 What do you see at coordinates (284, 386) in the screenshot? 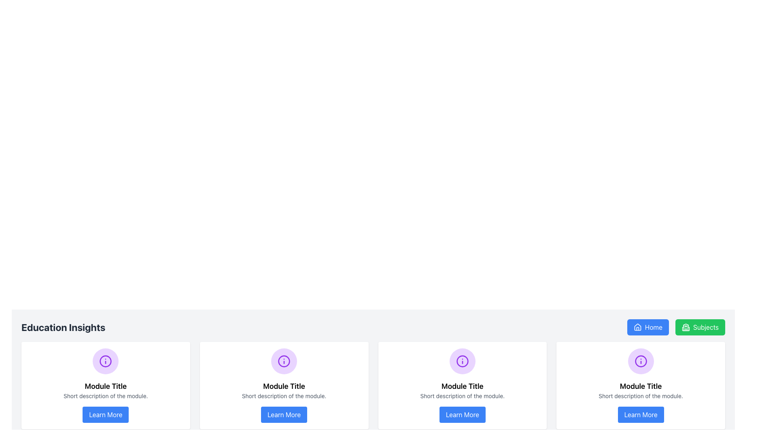
I see `the text label displaying 'Module Title', which is centrally aligned within the second module card, positioned below the module icon and above the module description` at bounding box center [284, 386].